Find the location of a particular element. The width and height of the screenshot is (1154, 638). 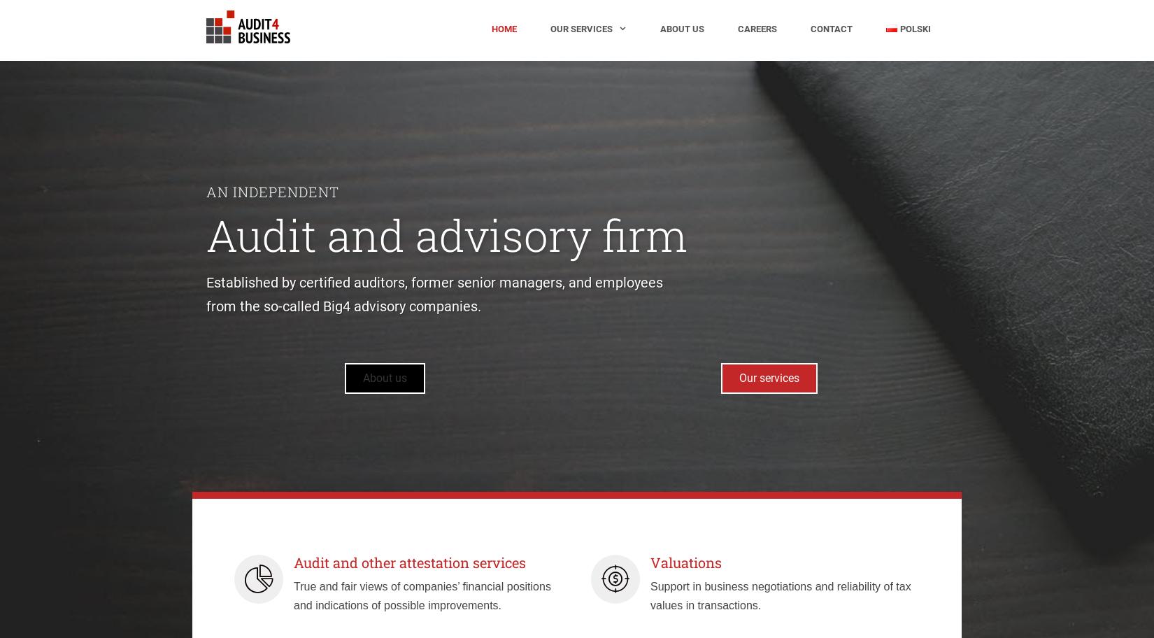

'About us' is located at coordinates (383, 378).